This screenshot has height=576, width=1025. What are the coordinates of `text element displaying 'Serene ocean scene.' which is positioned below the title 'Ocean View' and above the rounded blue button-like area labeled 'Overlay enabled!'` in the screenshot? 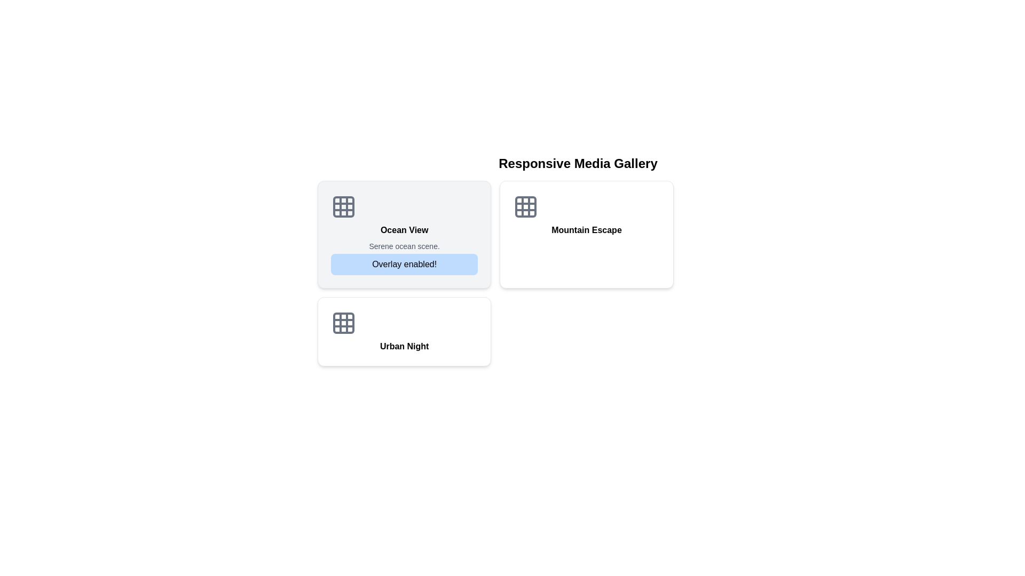 It's located at (404, 246).